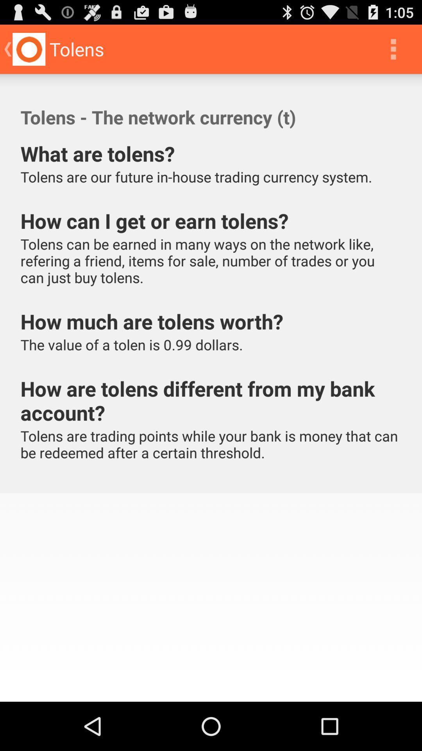  I want to click on item at the top right corner, so click(393, 49).